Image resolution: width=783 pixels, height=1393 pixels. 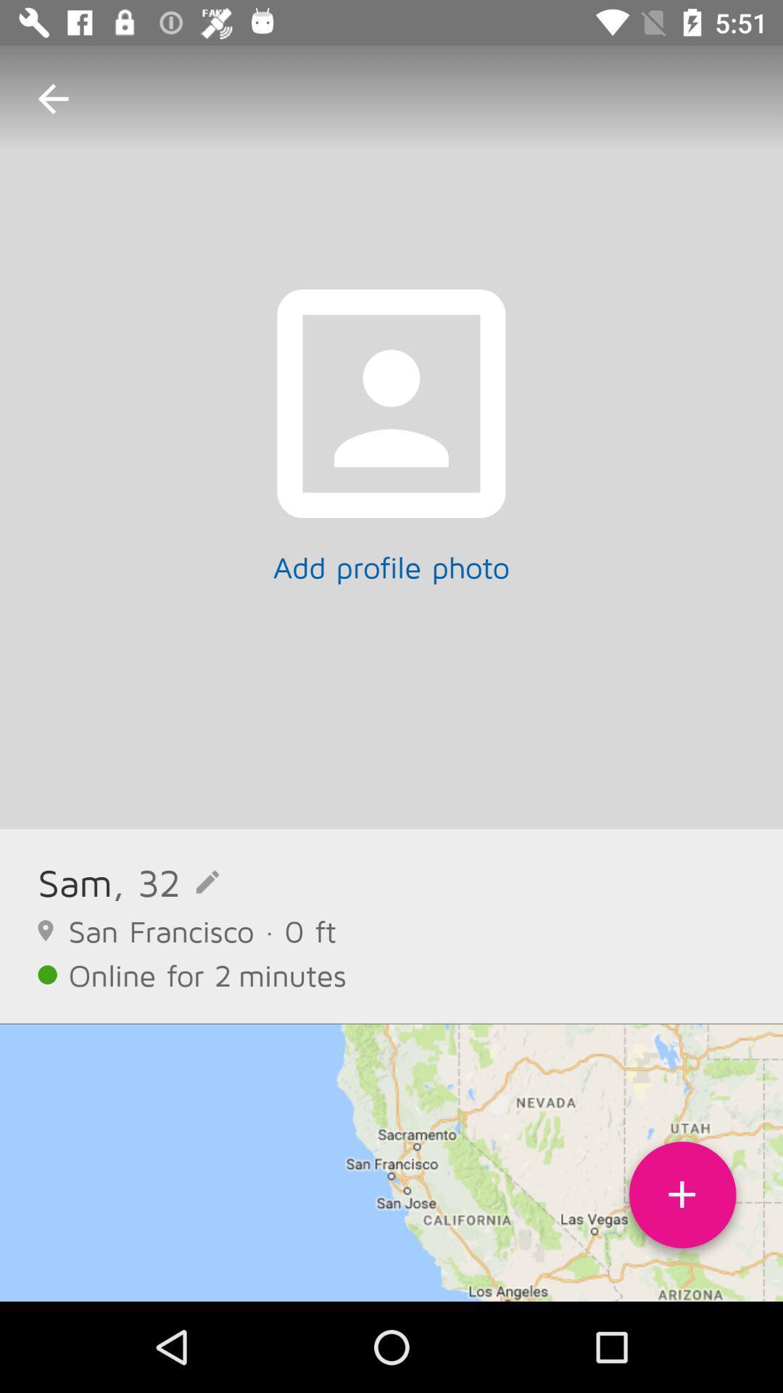 What do you see at coordinates (682, 1200) in the screenshot?
I see `zoom in` at bounding box center [682, 1200].